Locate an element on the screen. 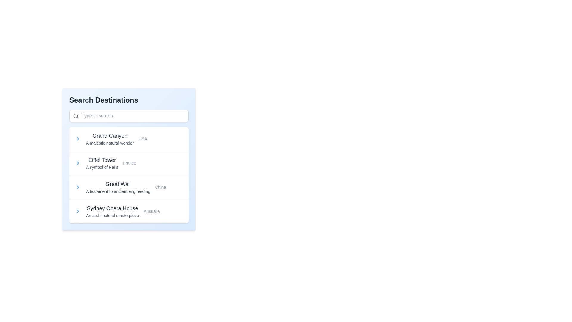 The image size is (572, 322). the text display for the 'Great Wall', the third entry in the list of destinations is located at coordinates (118, 187).